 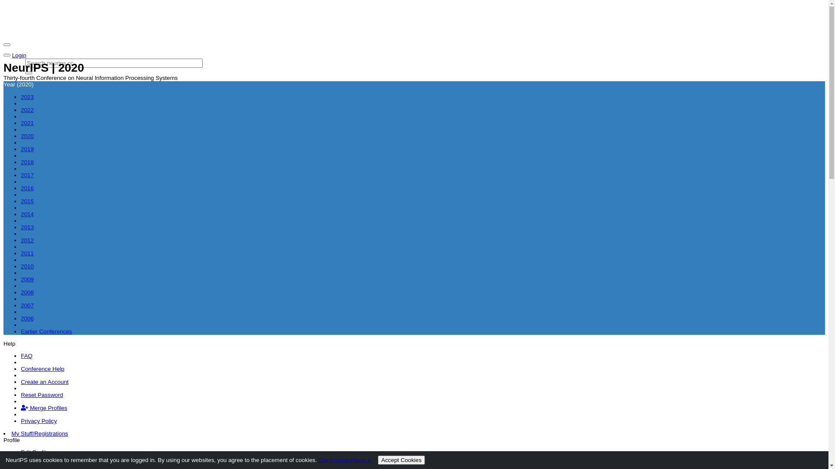 What do you see at coordinates (27, 214) in the screenshot?
I see `'2014'` at bounding box center [27, 214].